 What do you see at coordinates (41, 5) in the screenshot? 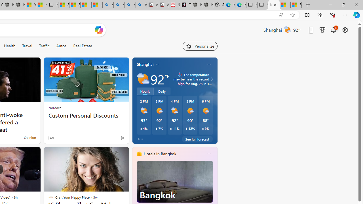
I see `'Huge shark washes ashore at New York City beach | Watch'` at bounding box center [41, 5].